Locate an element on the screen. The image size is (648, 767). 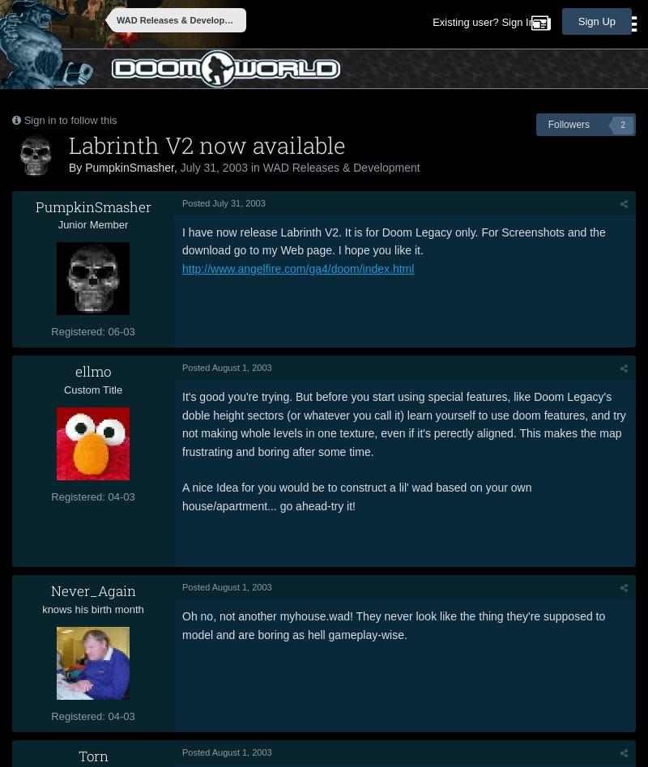
'Followers' is located at coordinates (568, 123).